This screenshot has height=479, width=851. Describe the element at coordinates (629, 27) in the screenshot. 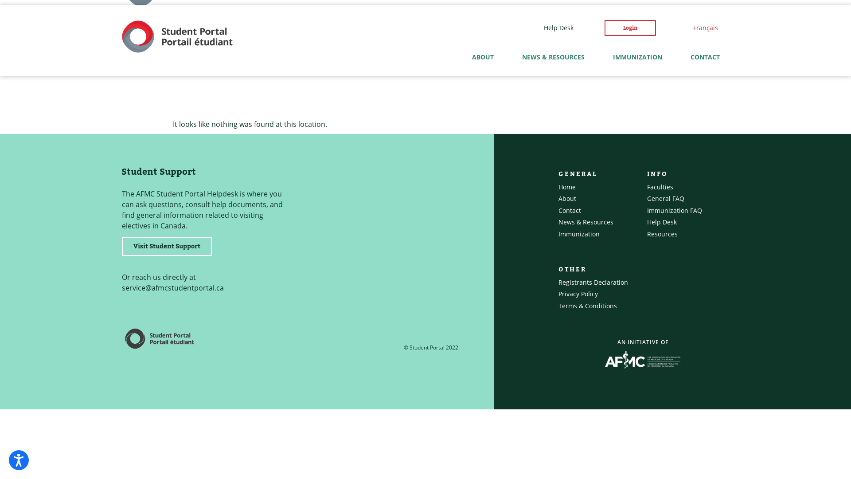

I see `'Login'` at that location.